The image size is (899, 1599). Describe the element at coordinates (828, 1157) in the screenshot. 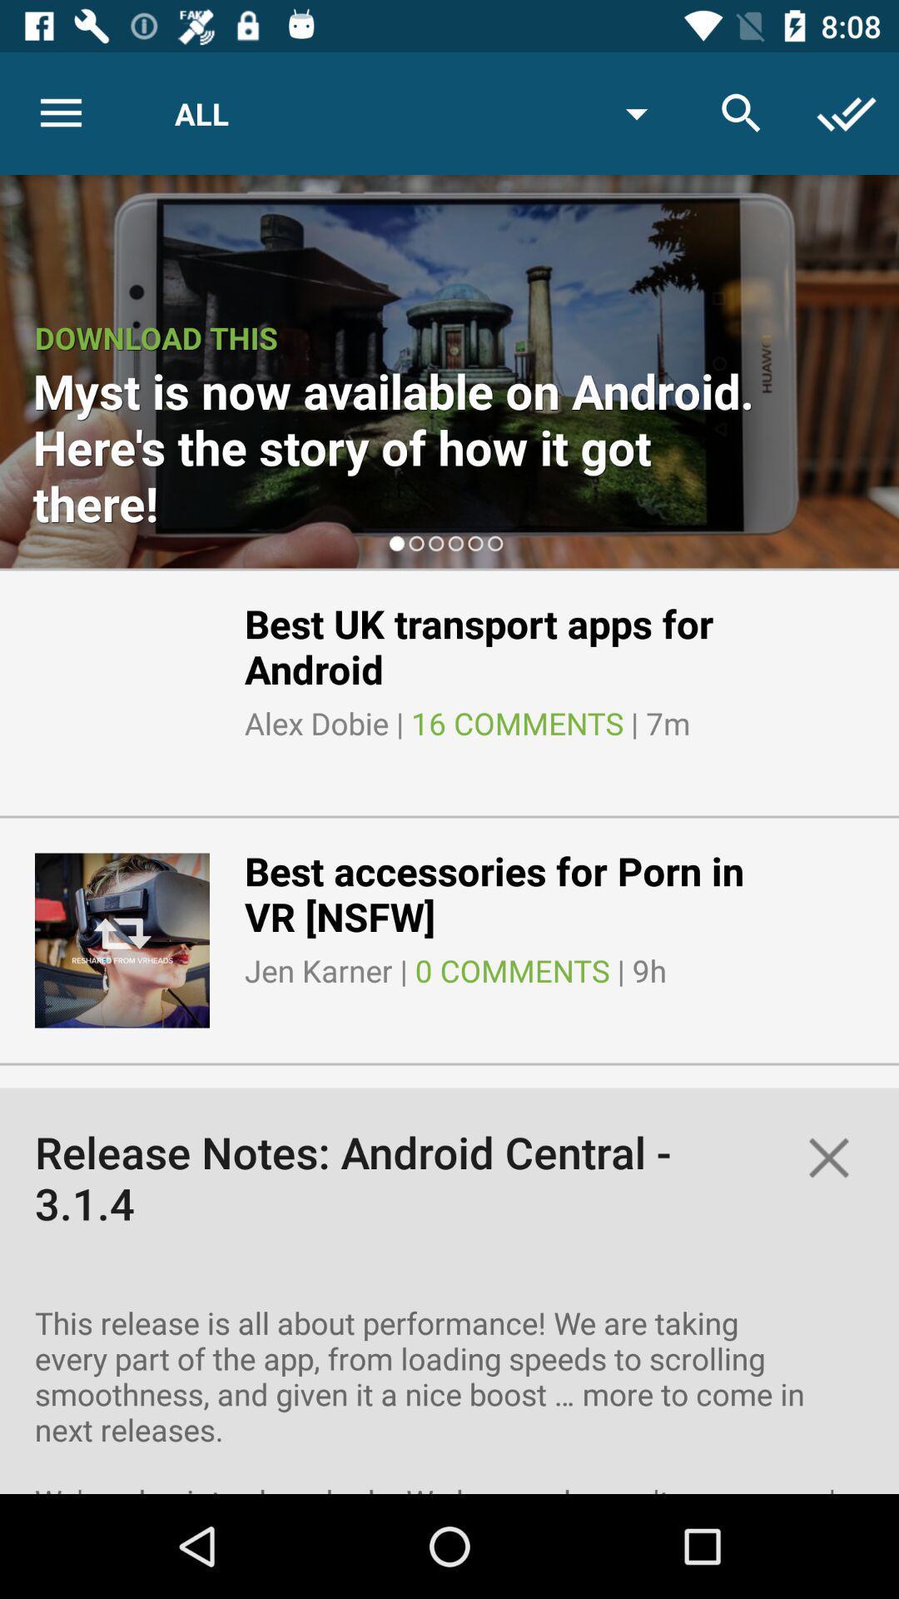

I see `the close icon` at that location.